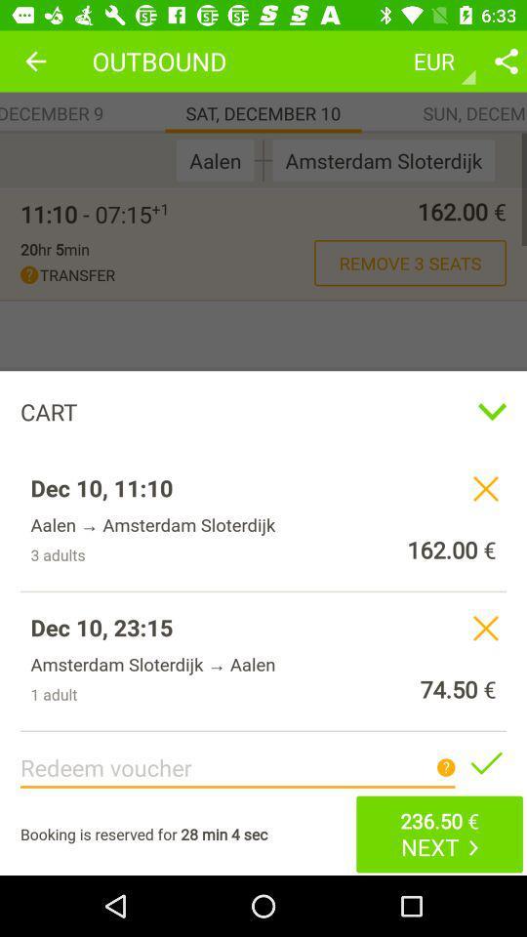 The height and width of the screenshot is (937, 527). What do you see at coordinates (484, 762) in the screenshot?
I see `the article` at bounding box center [484, 762].